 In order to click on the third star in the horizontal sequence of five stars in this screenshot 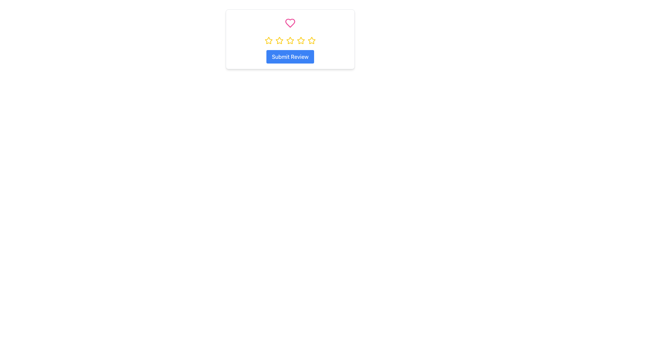, I will do `click(290, 40)`.